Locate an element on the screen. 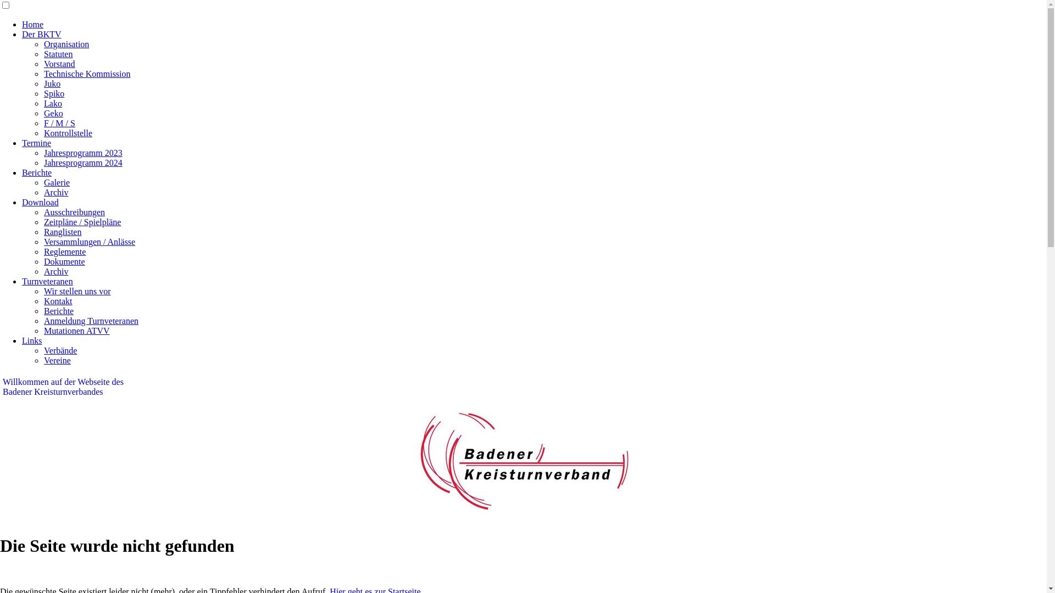 This screenshot has width=1055, height=593. 'Der BKTV' is located at coordinates (21, 33).